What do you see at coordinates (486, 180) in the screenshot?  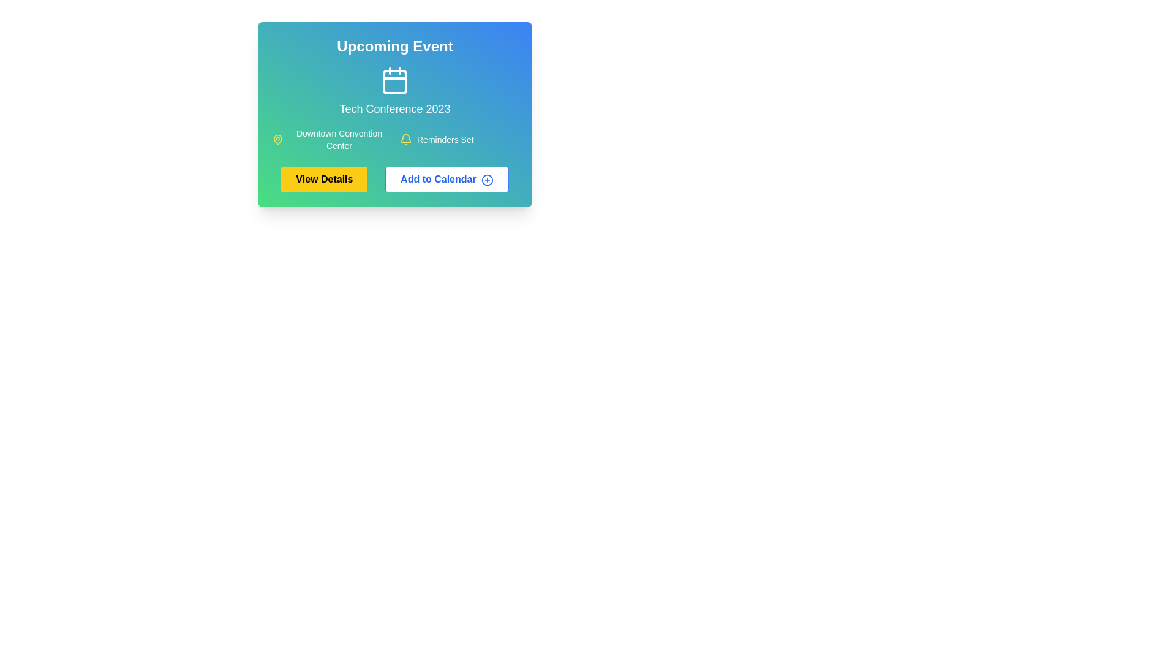 I see `the blue circular icon with a plus symbol inside, located to the right of the 'Add to Calendar' text within the button at the bottom of the card UI section` at bounding box center [486, 180].